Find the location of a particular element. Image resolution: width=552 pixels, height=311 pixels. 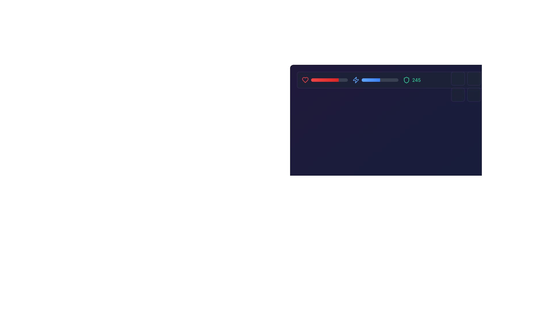

the button located in the second row and first column of a 4x2 grid arrangement, positioned at the top right corner of the interface is located at coordinates (458, 94).